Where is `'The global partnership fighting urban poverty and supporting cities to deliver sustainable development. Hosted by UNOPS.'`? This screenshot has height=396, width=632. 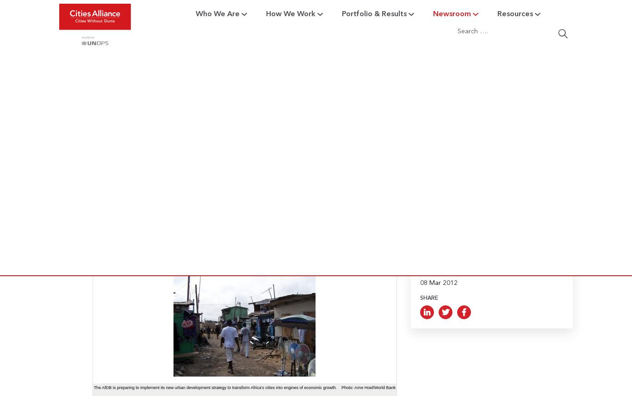
'The global partnership fighting urban poverty and supporting cities to deliver sustainable development. Hosted by UNOPS.' is located at coordinates (136, 98).